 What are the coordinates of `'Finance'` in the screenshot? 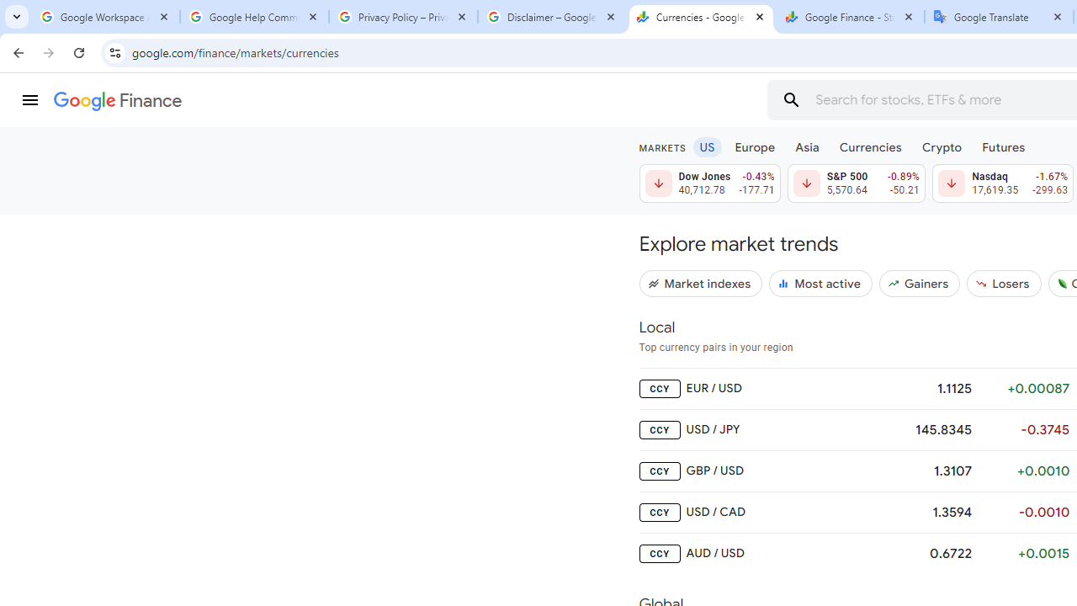 It's located at (117, 101).